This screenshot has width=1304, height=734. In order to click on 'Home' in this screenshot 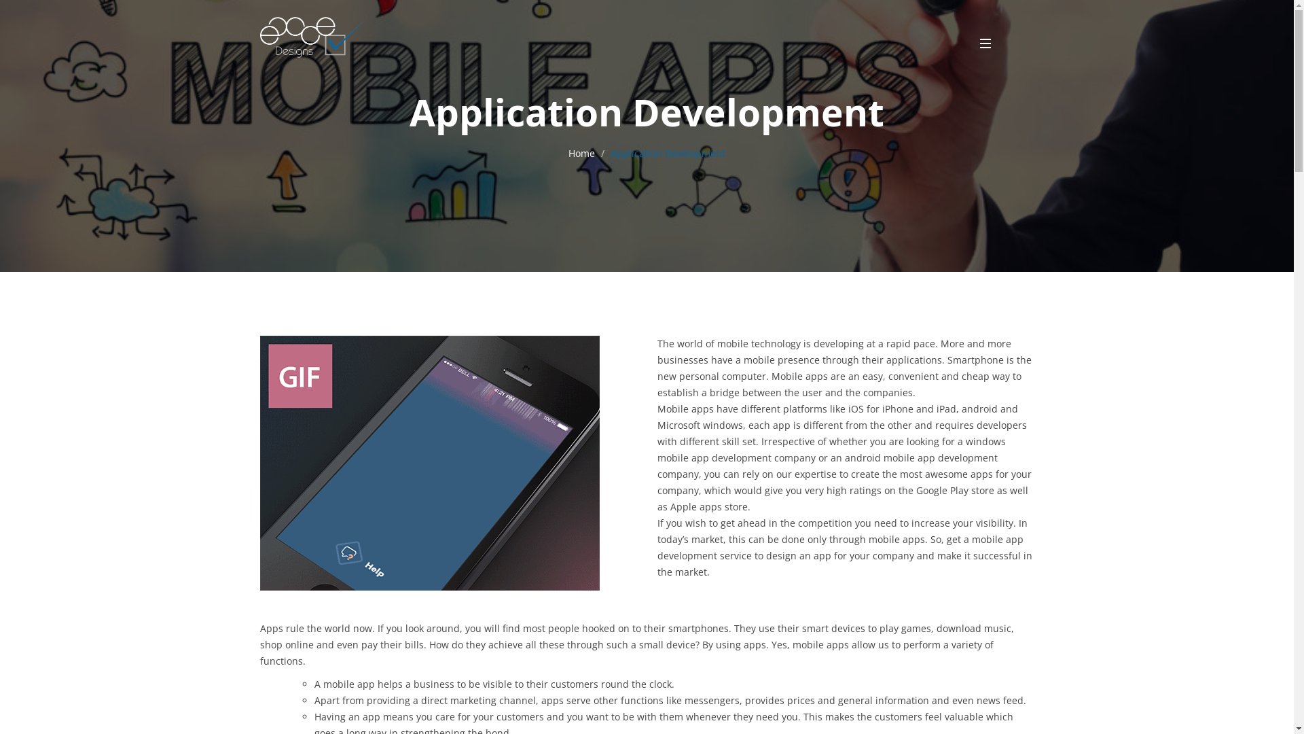, I will do `click(581, 152)`.